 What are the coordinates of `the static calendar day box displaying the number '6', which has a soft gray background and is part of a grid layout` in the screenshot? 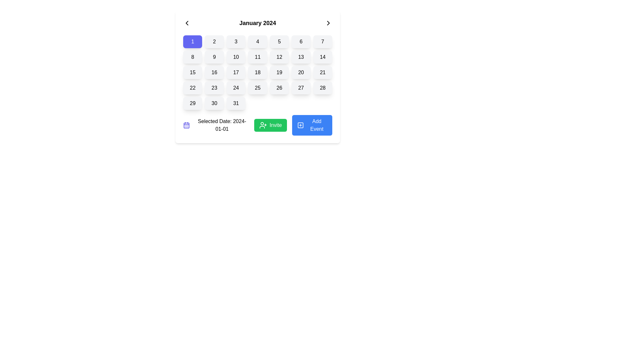 It's located at (300, 42).